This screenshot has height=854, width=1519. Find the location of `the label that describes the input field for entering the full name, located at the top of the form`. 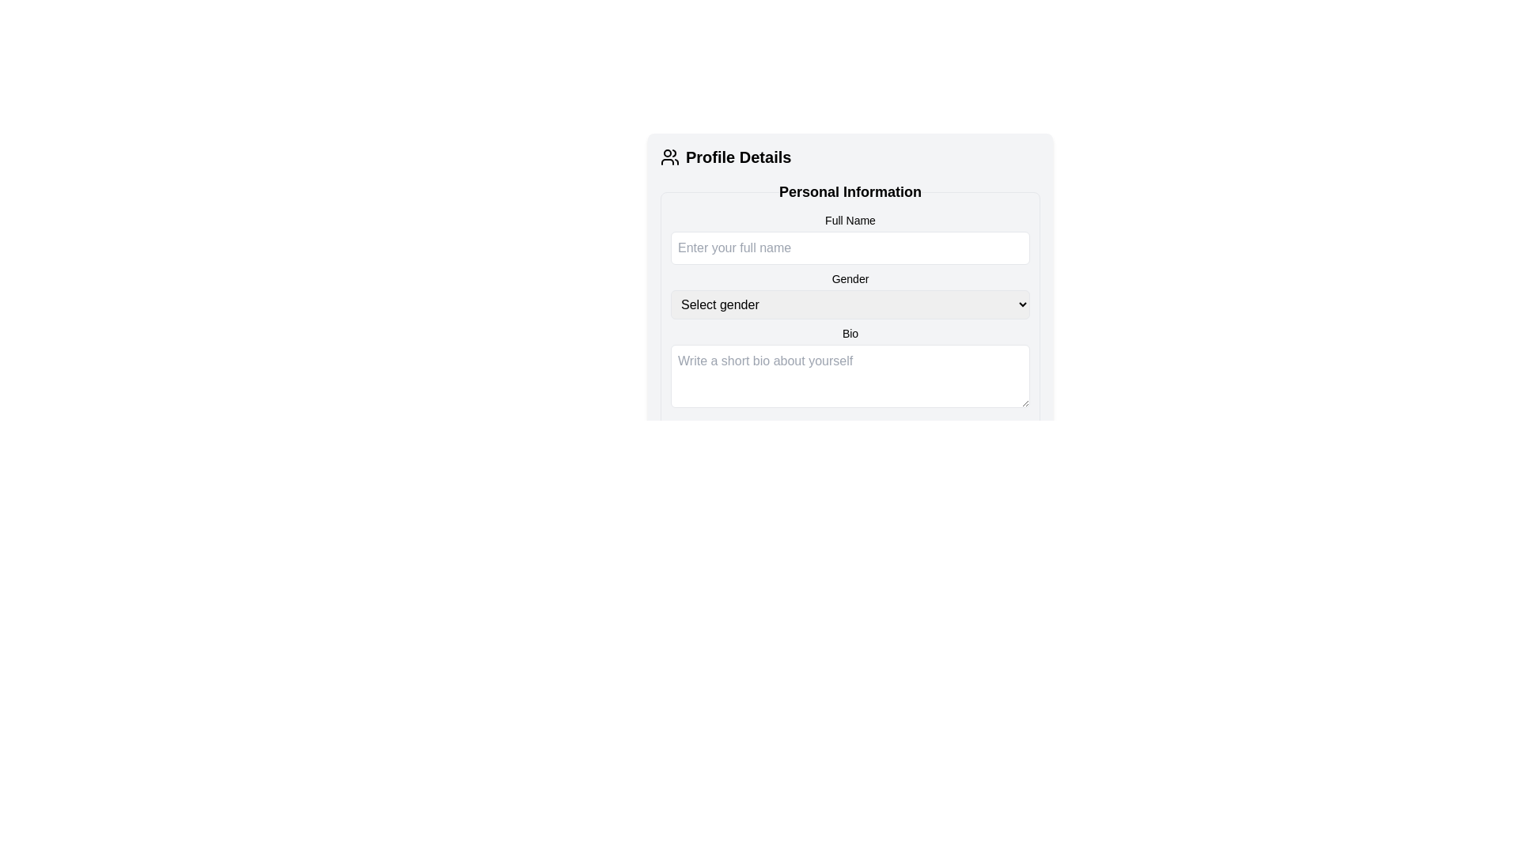

the label that describes the input field for entering the full name, located at the top of the form is located at coordinates (850, 220).